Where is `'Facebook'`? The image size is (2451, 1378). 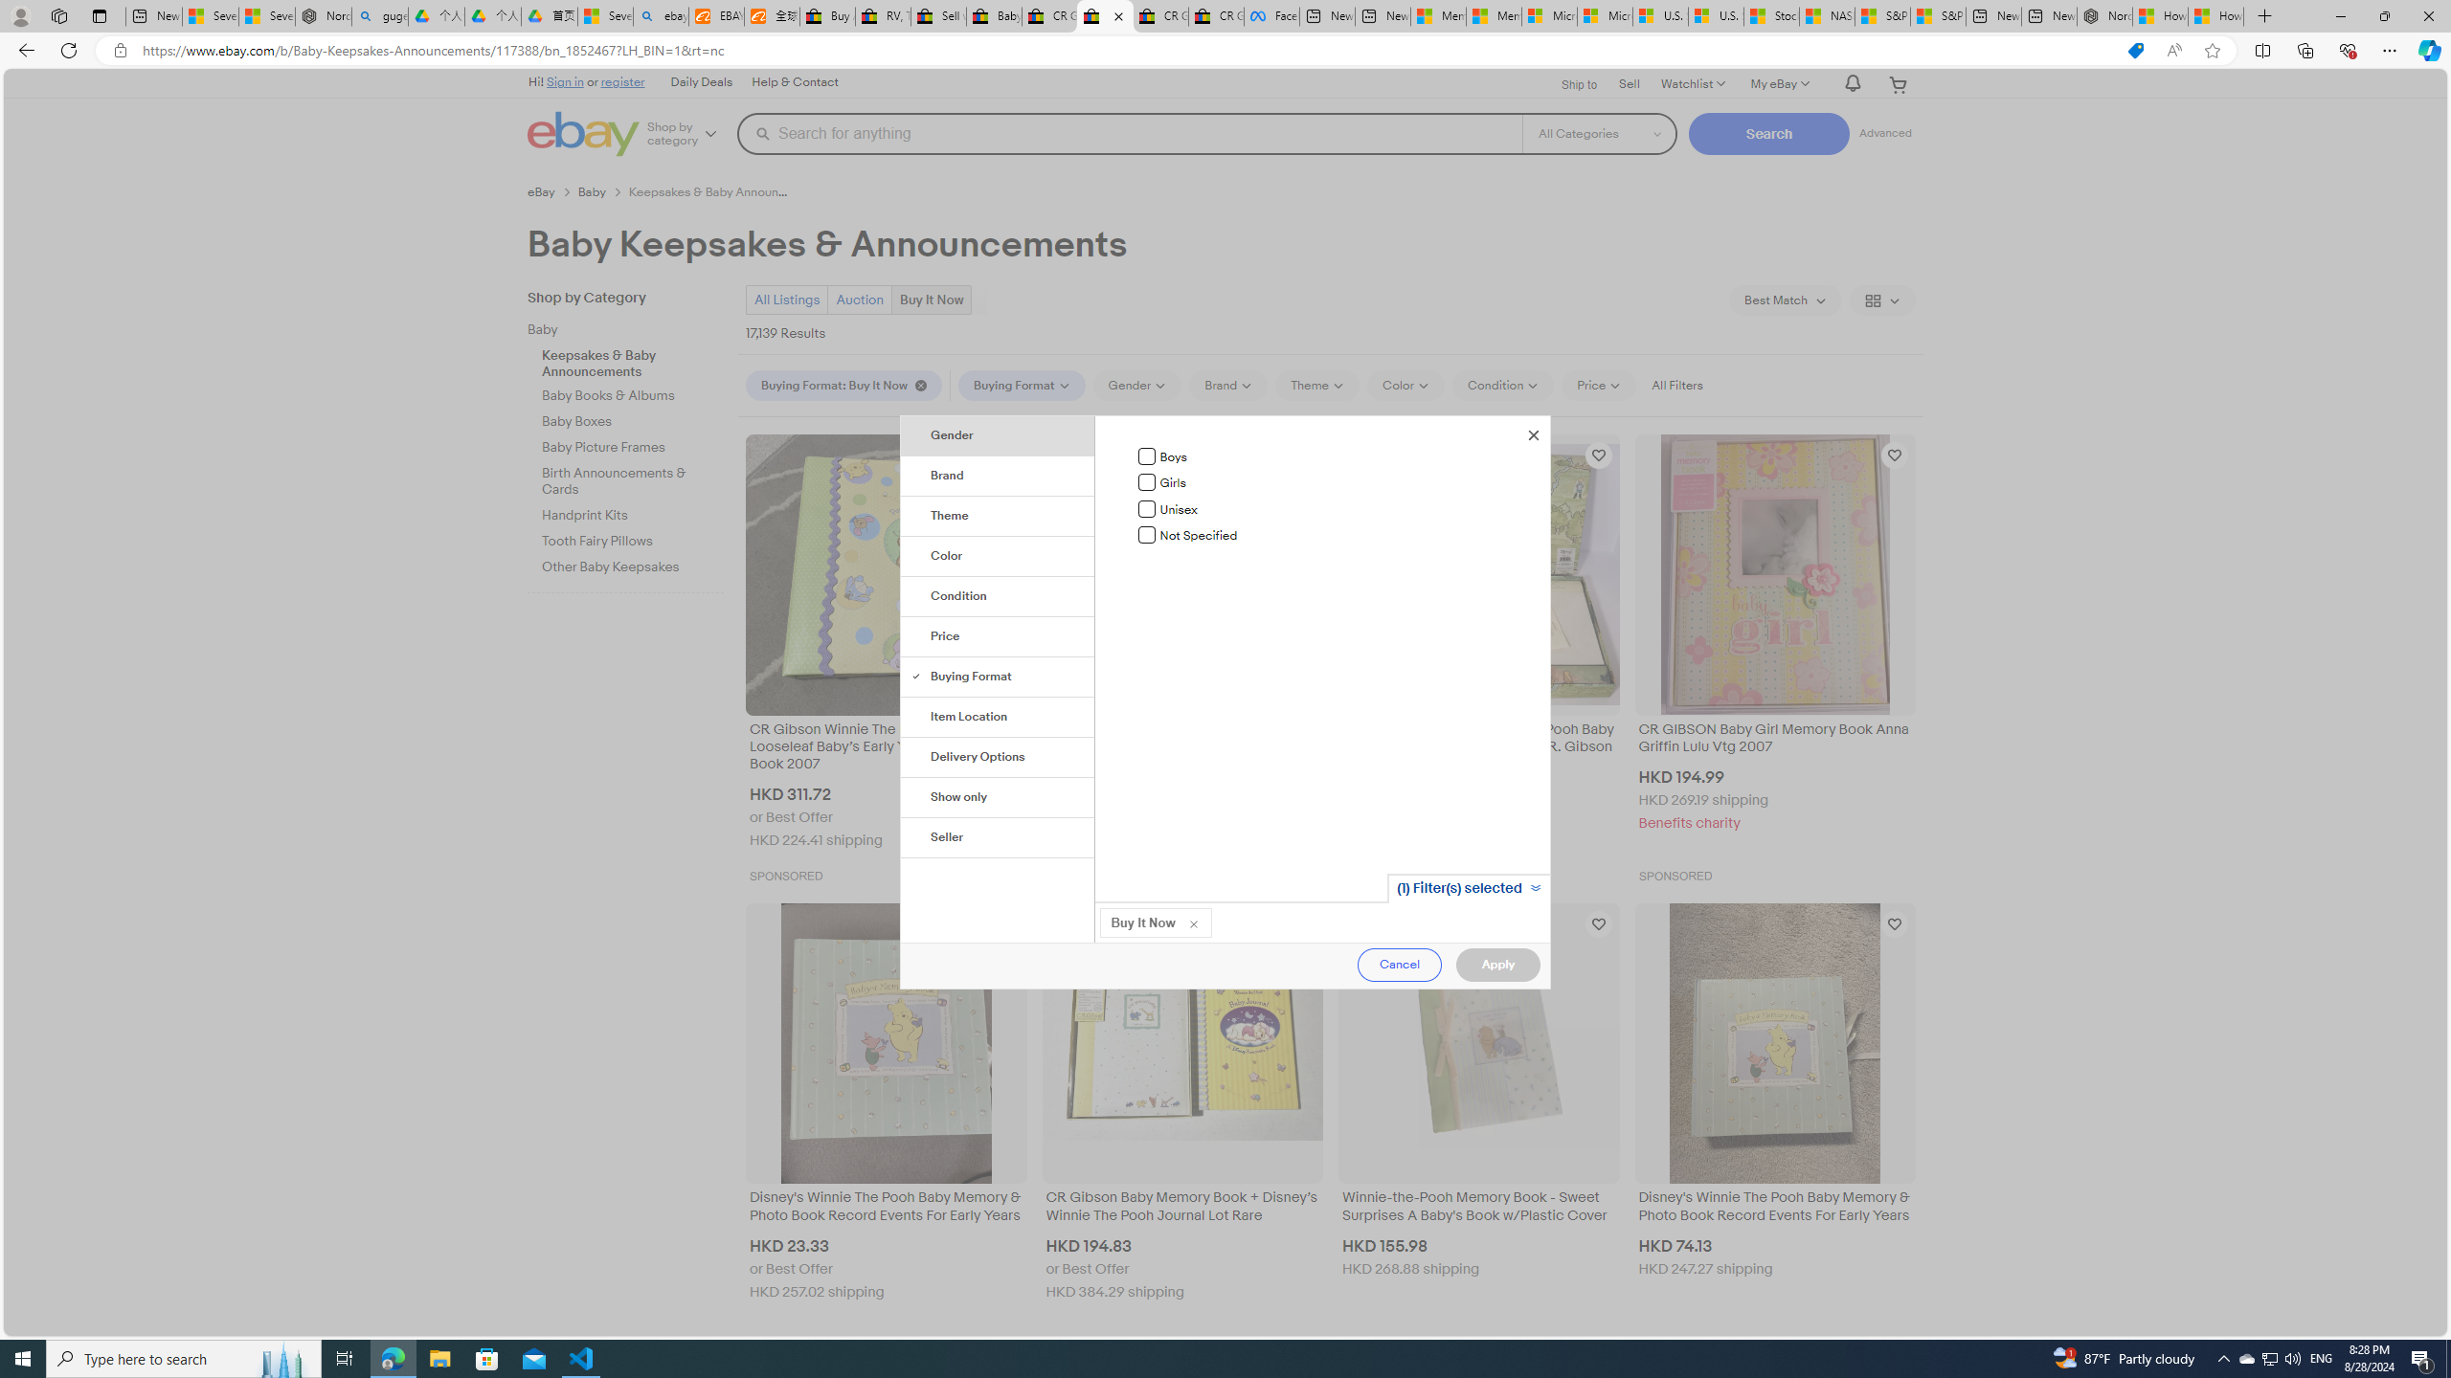
'Facebook' is located at coordinates (1271, 15).